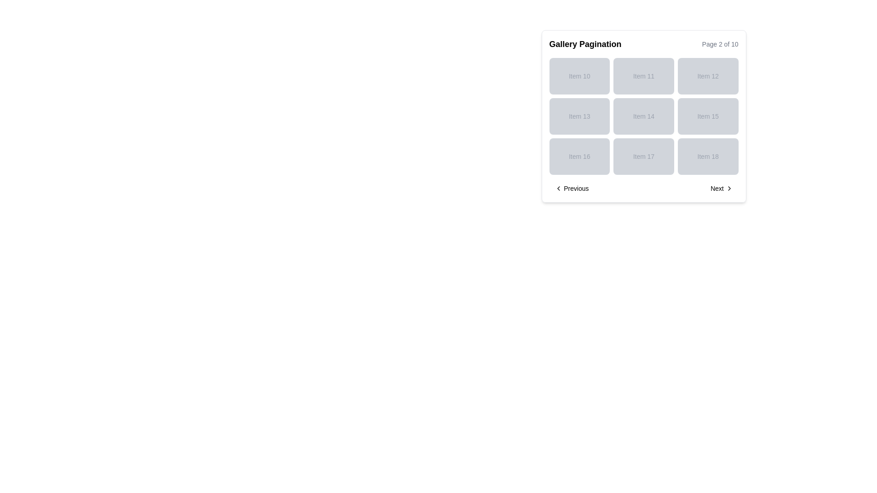 This screenshot has width=877, height=493. Describe the element at coordinates (643, 156) in the screenshot. I see `the static text element displaying 'Item 17' which is located in the third row and middle column of the grid` at that location.